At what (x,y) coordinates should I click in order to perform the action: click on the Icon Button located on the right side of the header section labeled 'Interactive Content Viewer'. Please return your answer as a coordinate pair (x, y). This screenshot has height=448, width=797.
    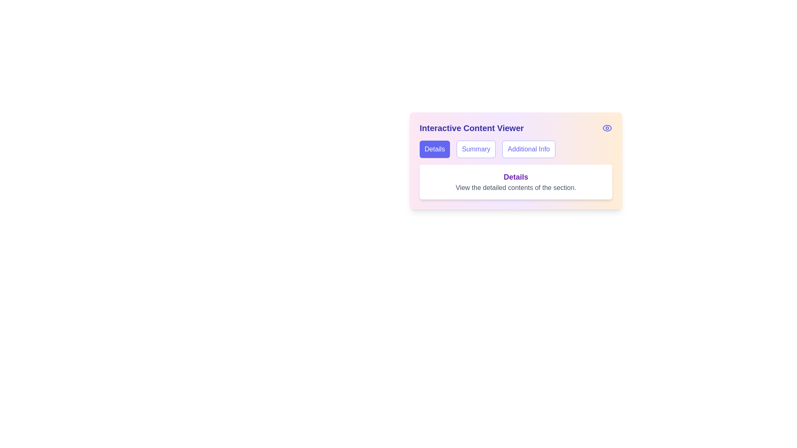
    Looking at the image, I should click on (607, 128).